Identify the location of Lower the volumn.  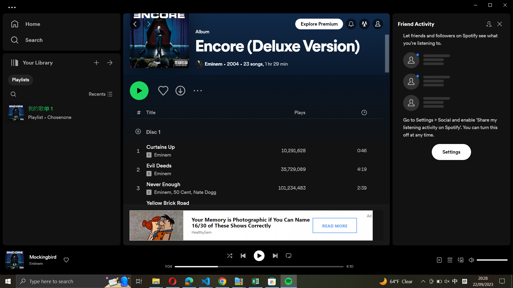
(479, 259).